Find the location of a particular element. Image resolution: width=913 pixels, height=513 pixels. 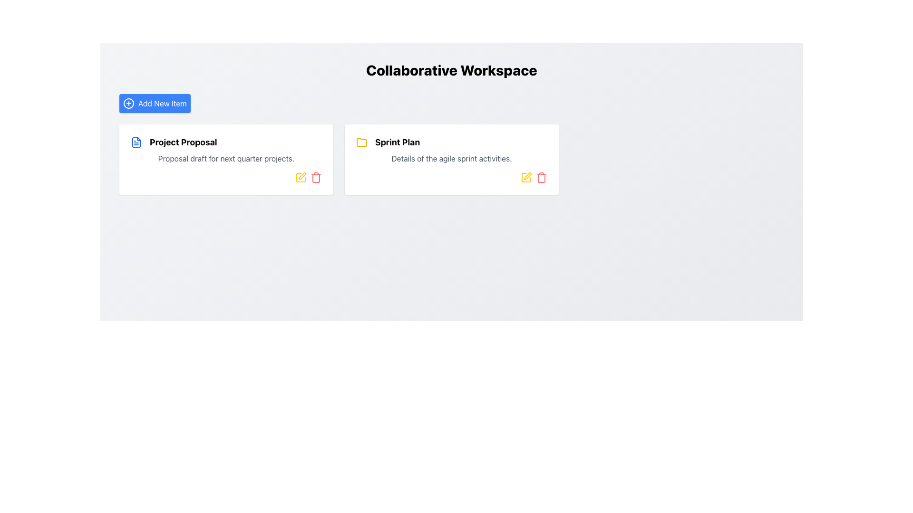

the blue rectangular button labeled 'Add New Item' is located at coordinates (155, 104).